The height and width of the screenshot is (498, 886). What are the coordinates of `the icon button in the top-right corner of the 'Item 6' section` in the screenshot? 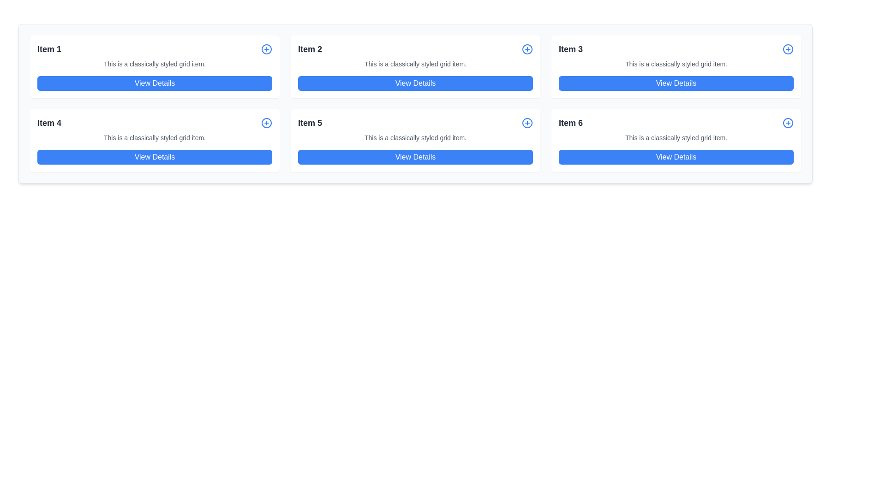 It's located at (788, 122).